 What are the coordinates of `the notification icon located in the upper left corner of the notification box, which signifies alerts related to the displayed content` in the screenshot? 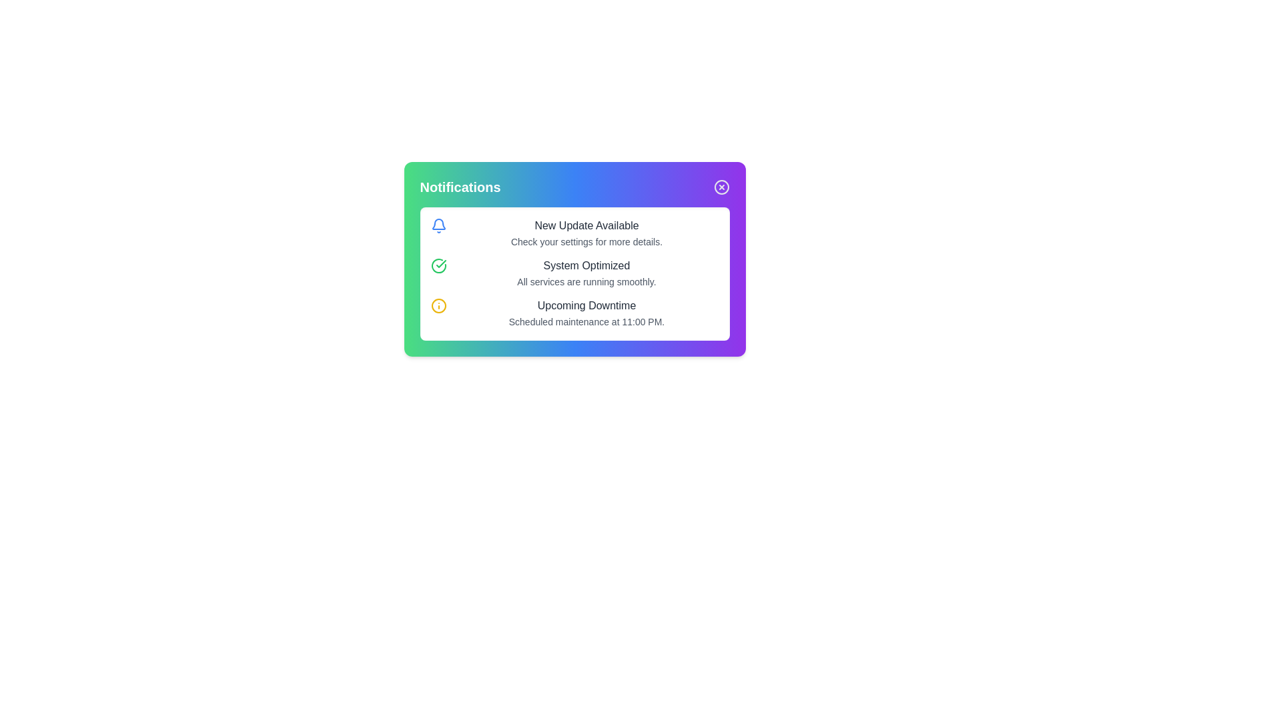 It's located at (438, 225).